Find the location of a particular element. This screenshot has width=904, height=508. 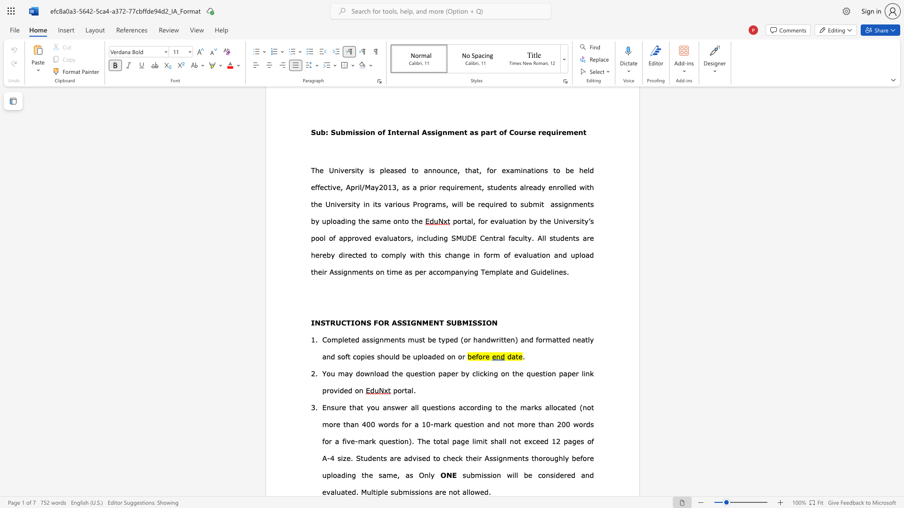

the subset text "le submissions are not allowed." within the text "Multiple submissions are not allowed." is located at coordinates (382, 491).